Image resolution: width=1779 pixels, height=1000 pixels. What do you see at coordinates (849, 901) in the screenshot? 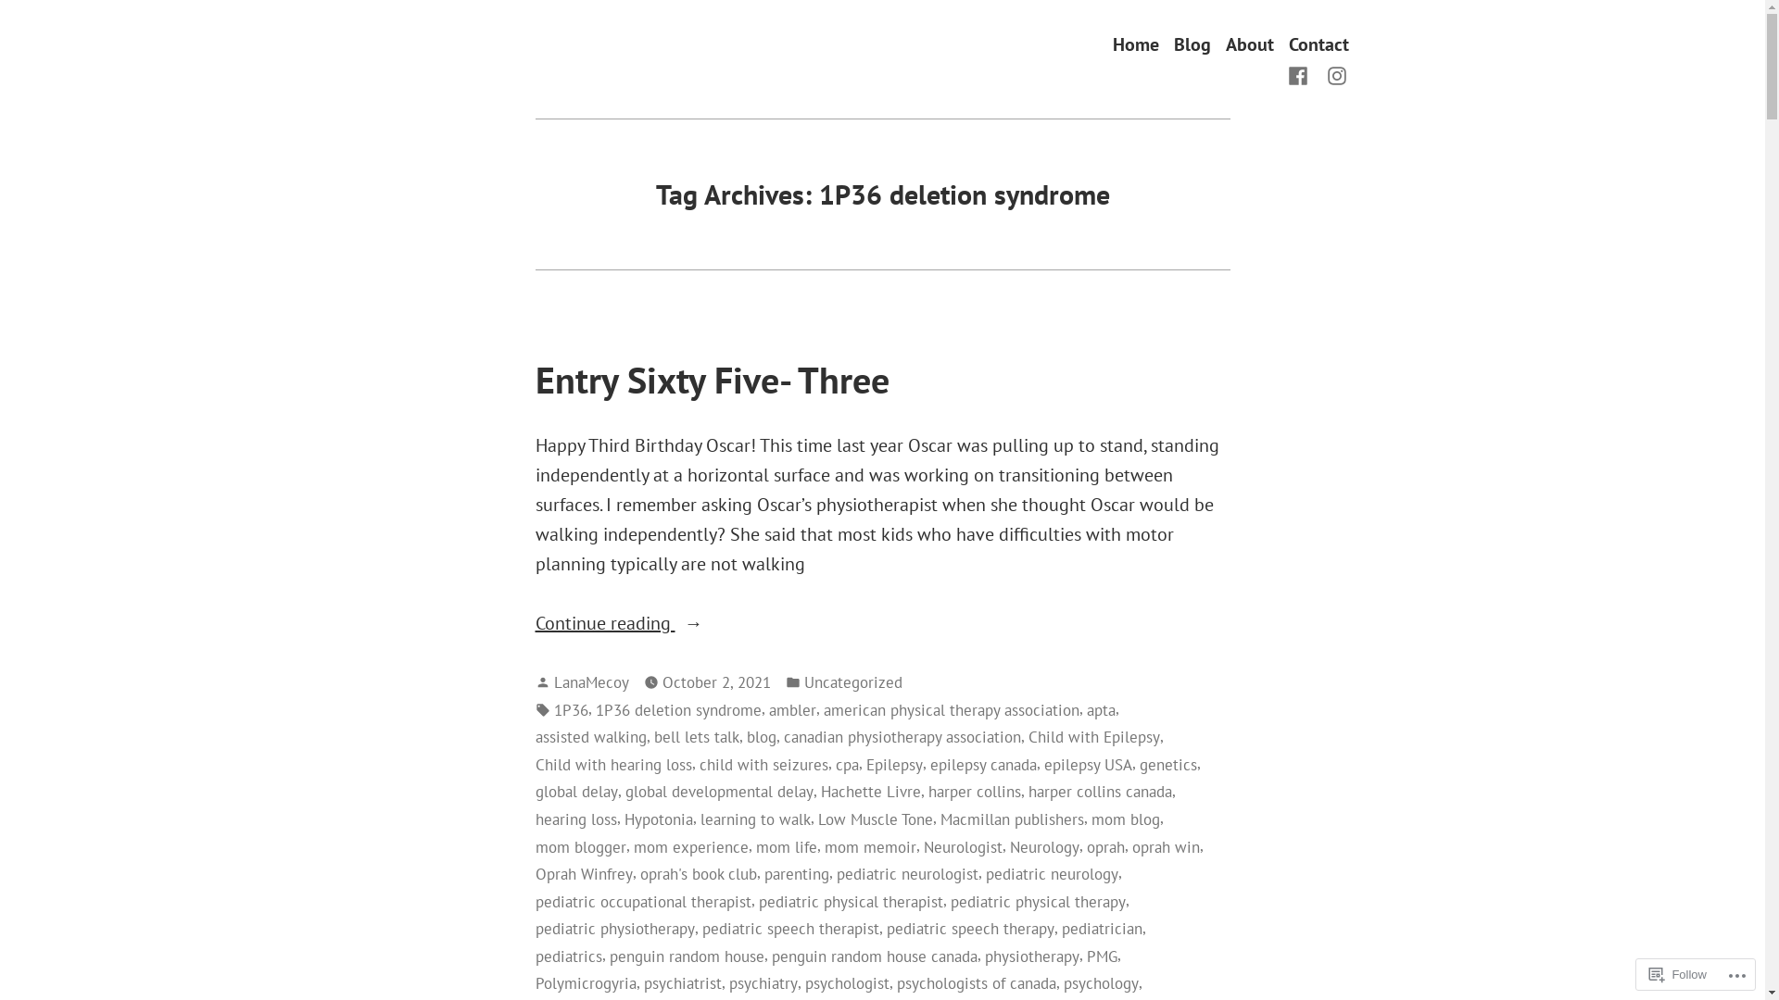
I see `'pediatric physical therapist'` at bounding box center [849, 901].